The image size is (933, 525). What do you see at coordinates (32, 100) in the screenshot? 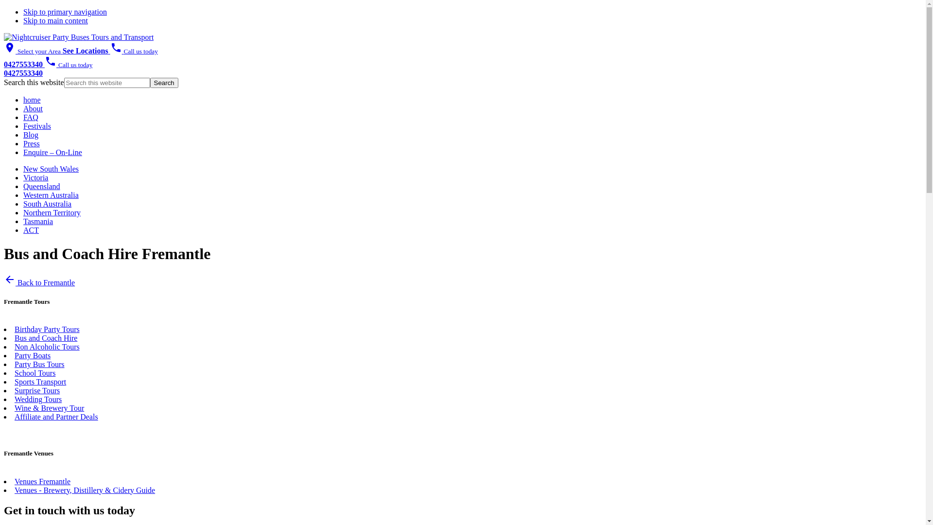
I see `'home'` at bounding box center [32, 100].